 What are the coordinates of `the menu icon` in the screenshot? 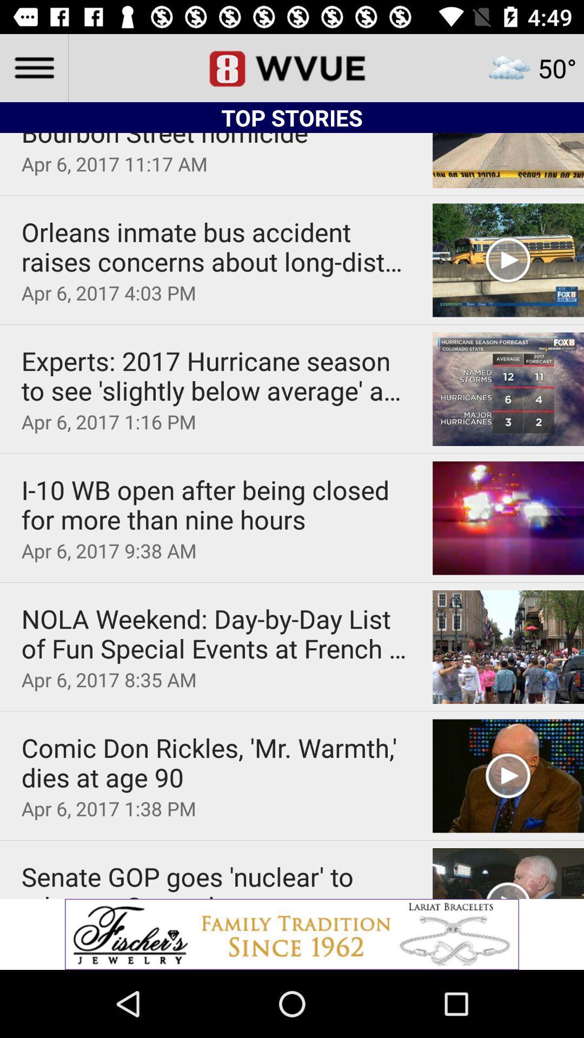 It's located at (33, 67).